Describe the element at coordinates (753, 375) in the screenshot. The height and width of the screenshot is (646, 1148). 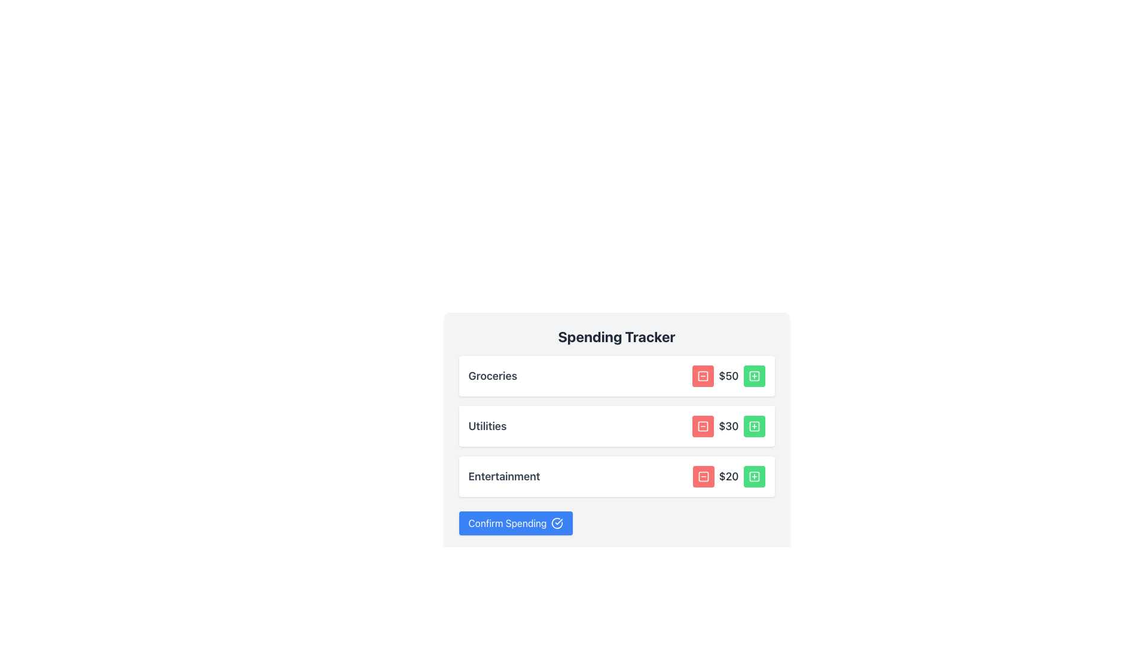
I see `the button located on the right side of the first row in the 'Groceries' category under the 'Spending Tracker' title` at that location.